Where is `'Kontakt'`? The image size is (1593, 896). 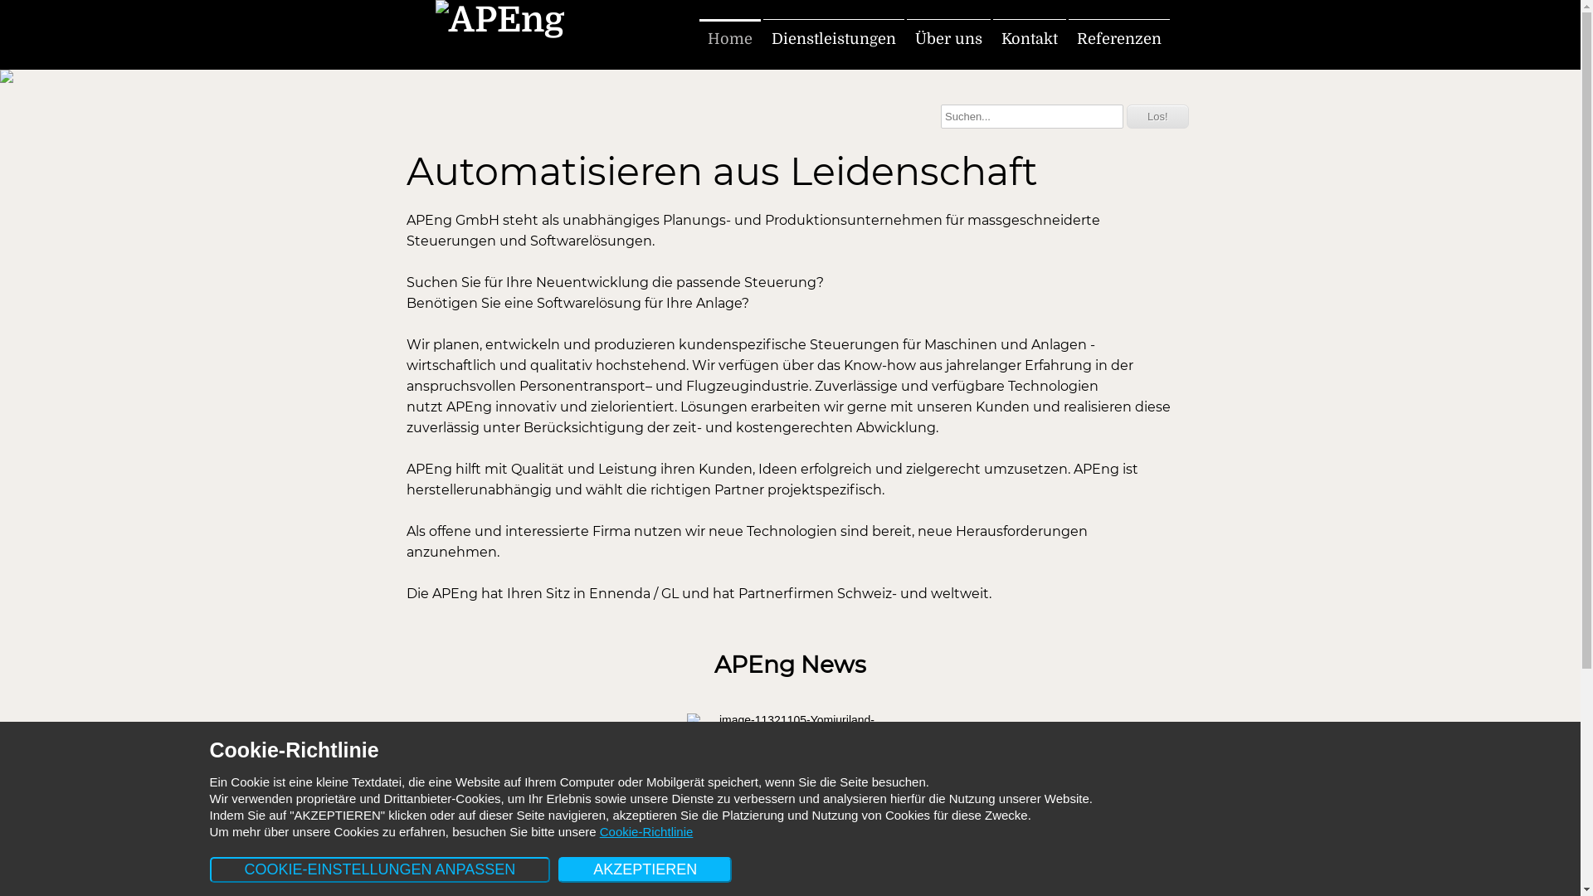 'Kontakt' is located at coordinates (1027, 37).